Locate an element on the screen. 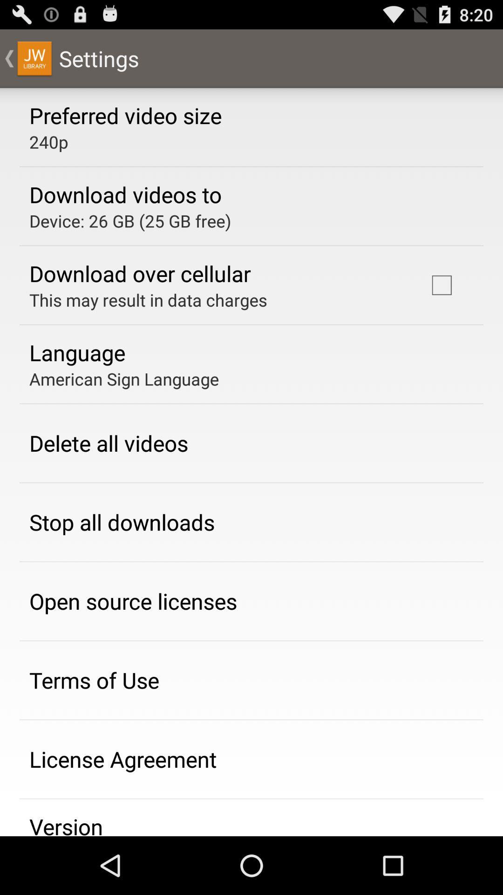 This screenshot has height=895, width=503. the icon above stop all downloads item is located at coordinates (108, 442).